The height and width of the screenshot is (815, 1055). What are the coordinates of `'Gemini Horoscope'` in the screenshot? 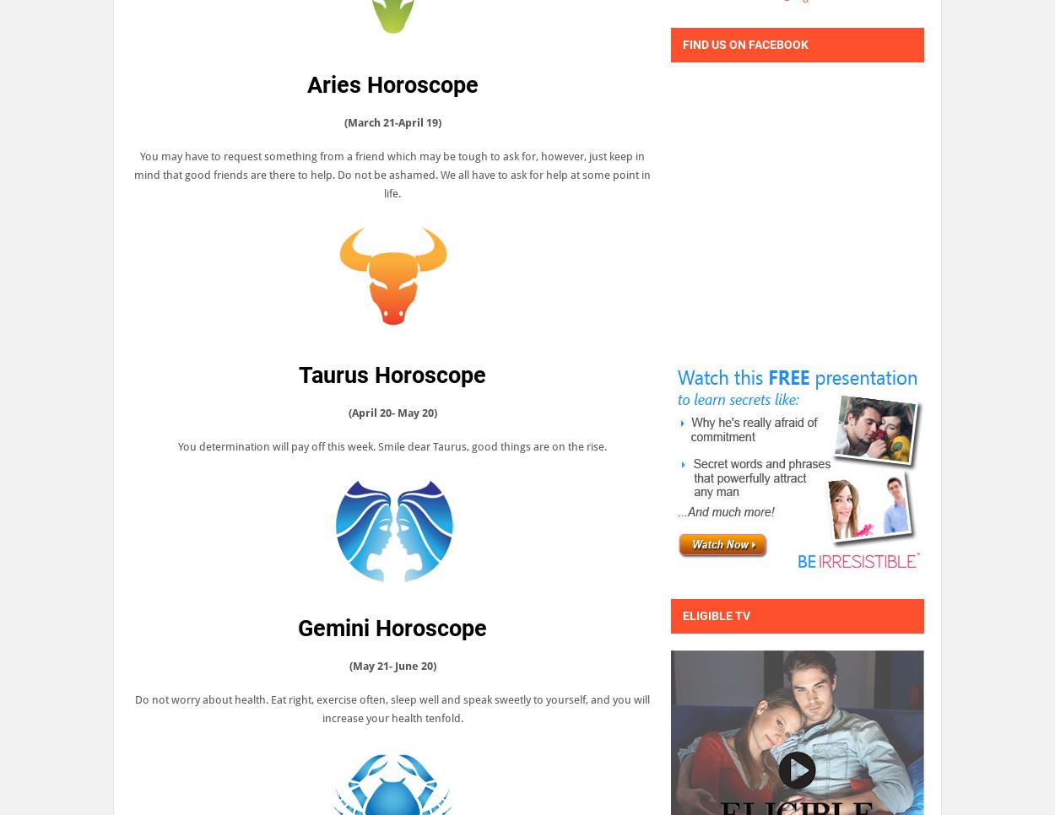 It's located at (392, 628).